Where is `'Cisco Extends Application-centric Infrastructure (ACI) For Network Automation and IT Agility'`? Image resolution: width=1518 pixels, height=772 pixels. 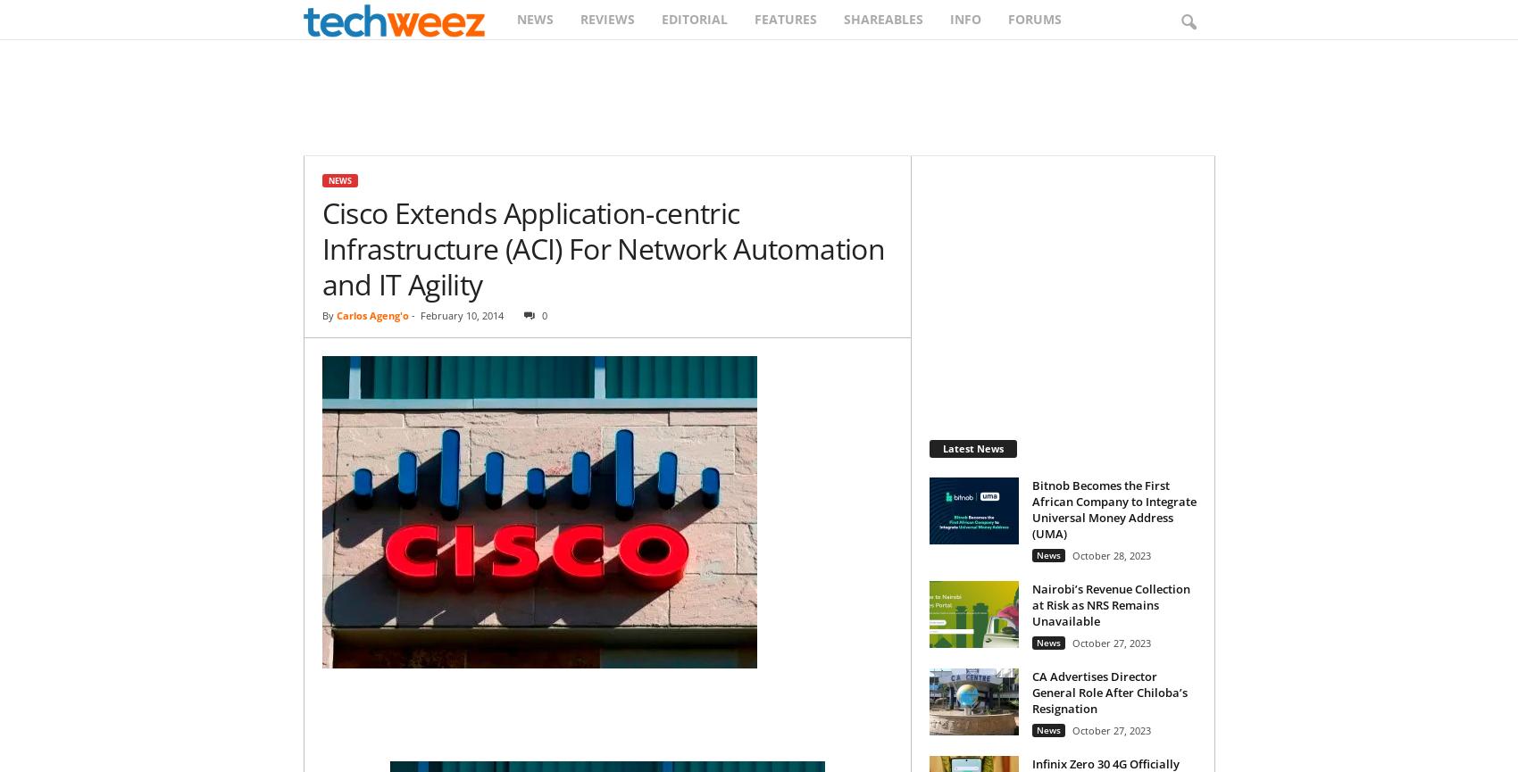
'Cisco Extends Application-centric Infrastructure (ACI) For Network Automation and IT Agility' is located at coordinates (321, 247).